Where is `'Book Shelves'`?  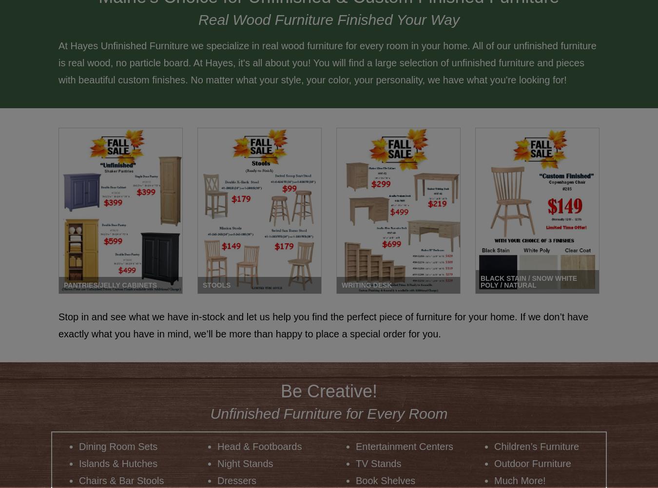
'Book Shelves' is located at coordinates (385, 480).